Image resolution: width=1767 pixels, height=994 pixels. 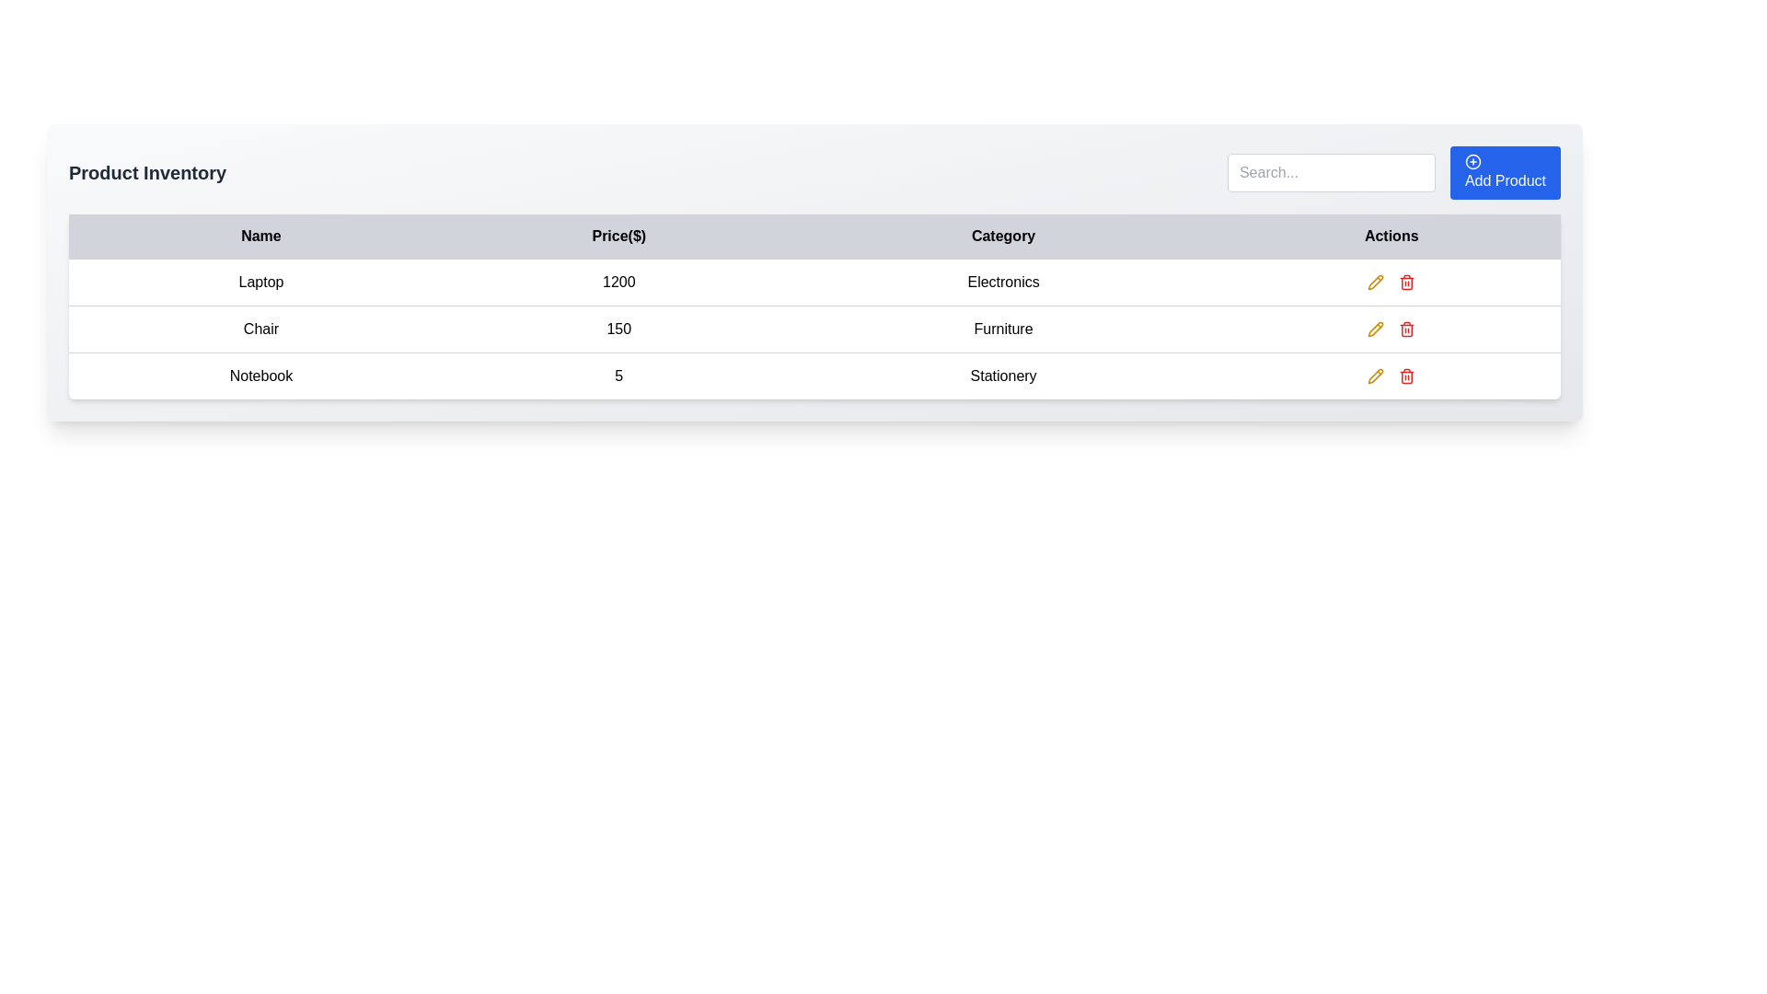 What do you see at coordinates (1376, 375) in the screenshot?
I see `the pencil-shaped icon button in the 'Actions' column of the second row` at bounding box center [1376, 375].